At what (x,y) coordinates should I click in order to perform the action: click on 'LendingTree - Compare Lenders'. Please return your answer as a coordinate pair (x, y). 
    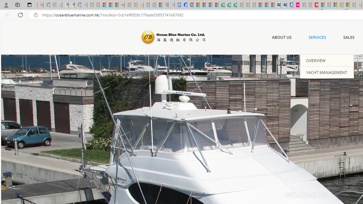
    Looking at the image, I should click on (221, 5).